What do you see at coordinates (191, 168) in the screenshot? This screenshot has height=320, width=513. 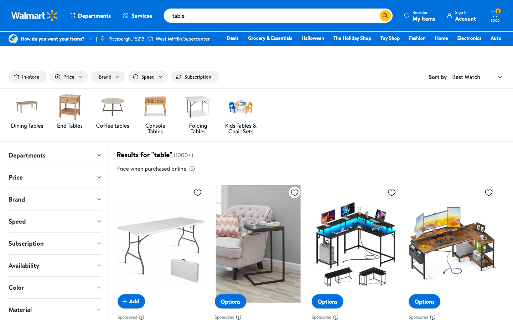 I see `the price information modal` at bounding box center [191, 168].